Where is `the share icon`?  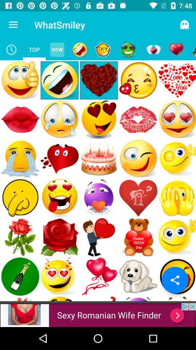 the share icon is located at coordinates (175, 280).